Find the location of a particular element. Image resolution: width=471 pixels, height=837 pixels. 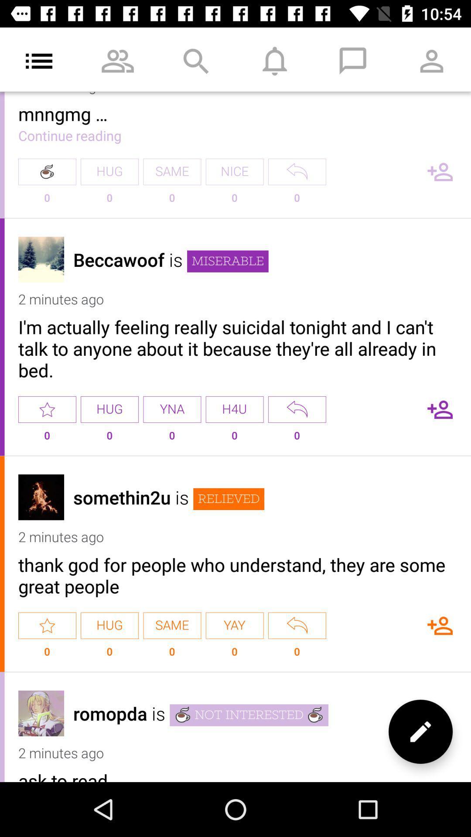

click for profile is located at coordinates (41, 259).